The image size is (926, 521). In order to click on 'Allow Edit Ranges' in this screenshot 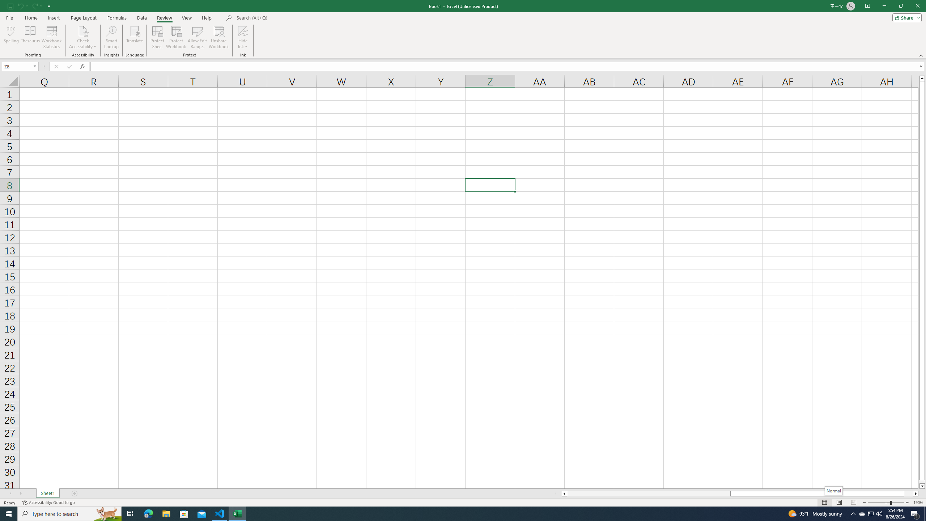, I will do `click(197, 37)`.